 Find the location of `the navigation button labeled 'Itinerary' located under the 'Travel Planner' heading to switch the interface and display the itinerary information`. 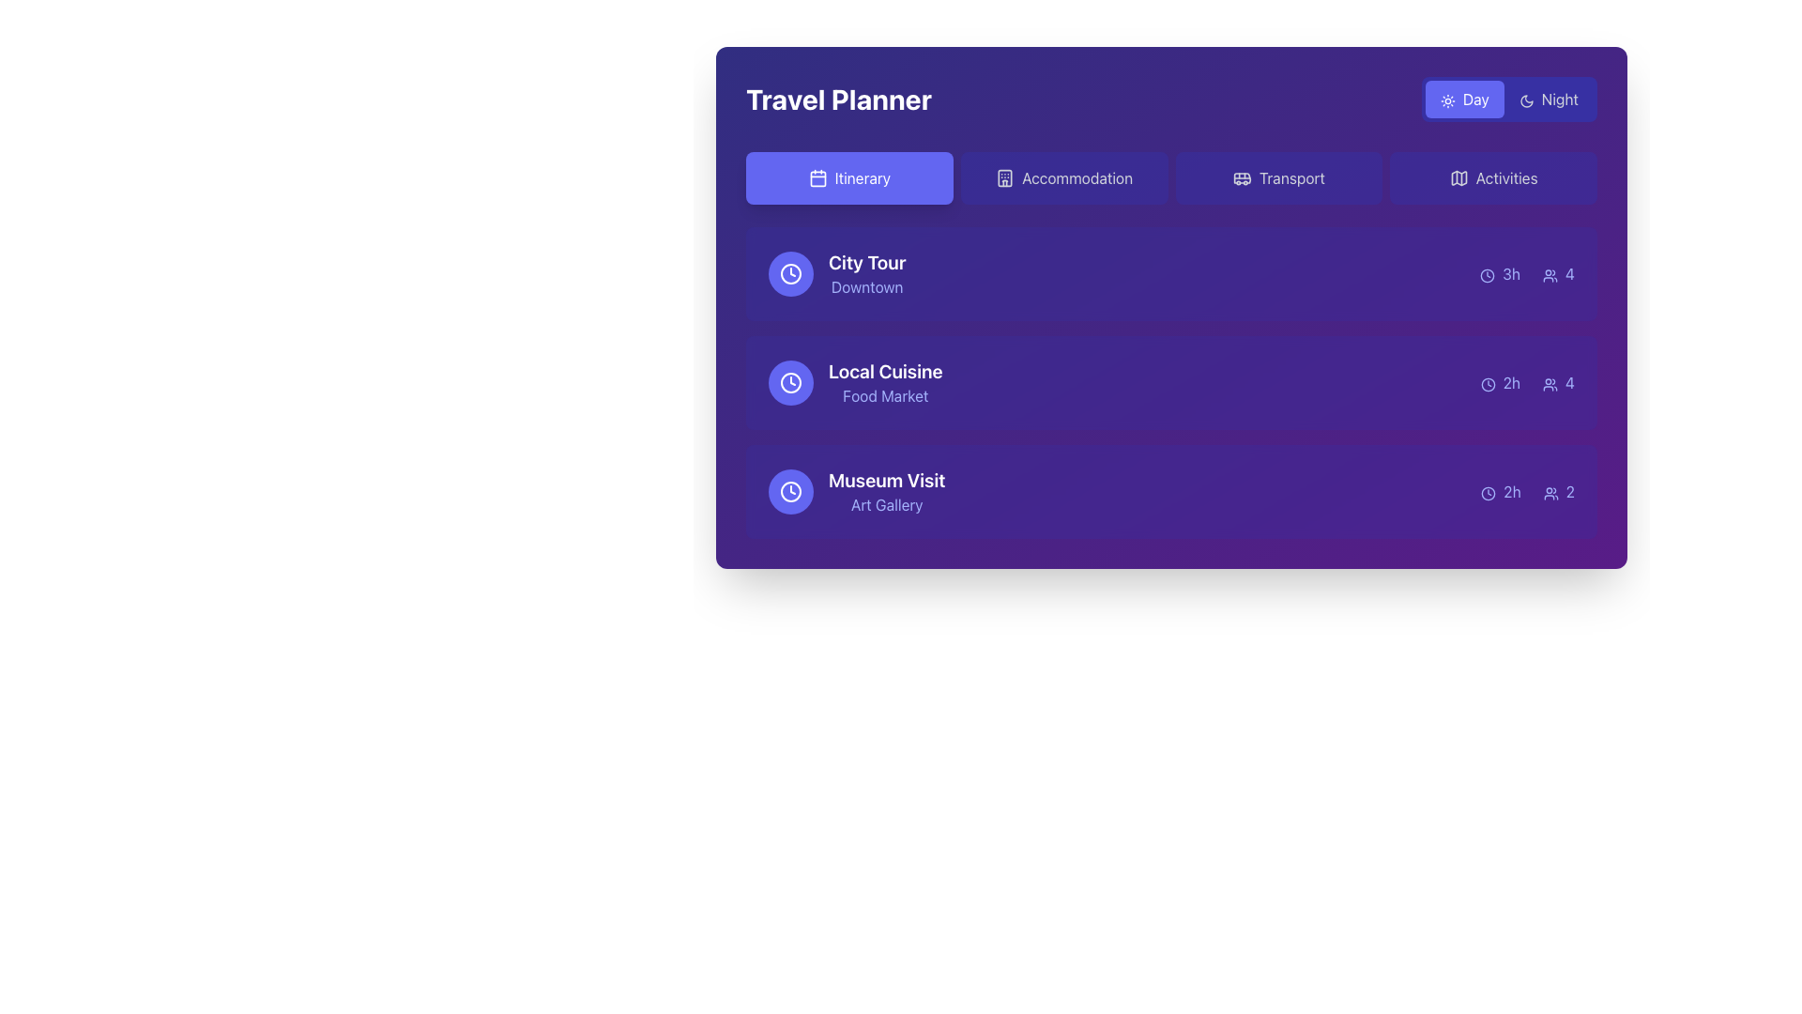

the navigation button labeled 'Itinerary' located under the 'Travel Planner' heading to switch the interface and display the itinerary information is located at coordinates (862, 177).